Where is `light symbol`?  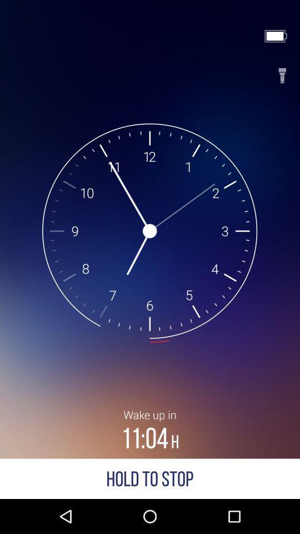 light symbol is located at coordinates (282, 72).